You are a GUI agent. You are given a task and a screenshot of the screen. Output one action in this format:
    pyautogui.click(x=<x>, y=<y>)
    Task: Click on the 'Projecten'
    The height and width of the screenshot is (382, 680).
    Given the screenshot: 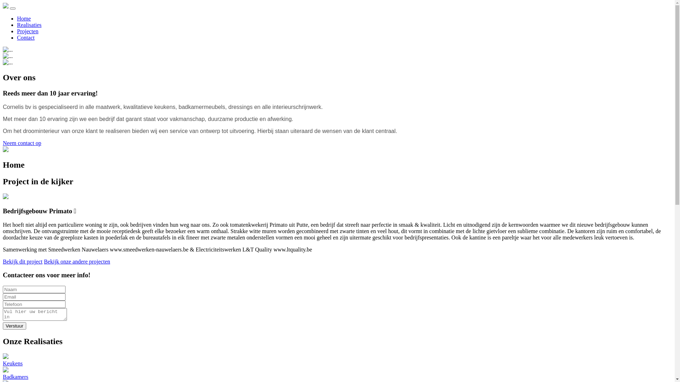 What is the action you would take?
    pyautogui.click(x=17, y=31)
    